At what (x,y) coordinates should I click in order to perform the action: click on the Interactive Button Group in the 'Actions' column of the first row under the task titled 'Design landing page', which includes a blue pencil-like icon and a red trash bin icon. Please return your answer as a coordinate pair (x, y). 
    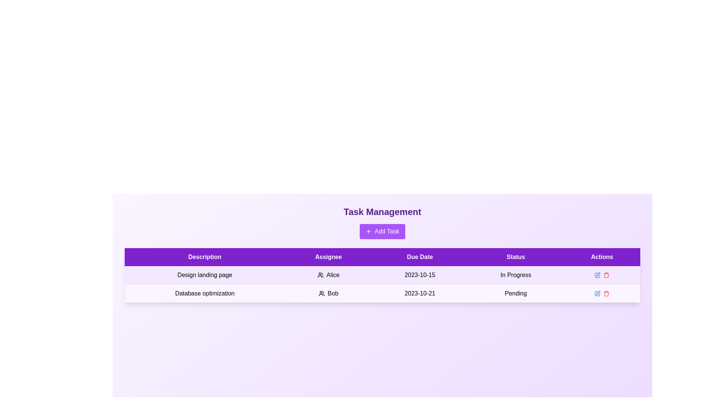
    Looking at the image, I should click on (602, 275).